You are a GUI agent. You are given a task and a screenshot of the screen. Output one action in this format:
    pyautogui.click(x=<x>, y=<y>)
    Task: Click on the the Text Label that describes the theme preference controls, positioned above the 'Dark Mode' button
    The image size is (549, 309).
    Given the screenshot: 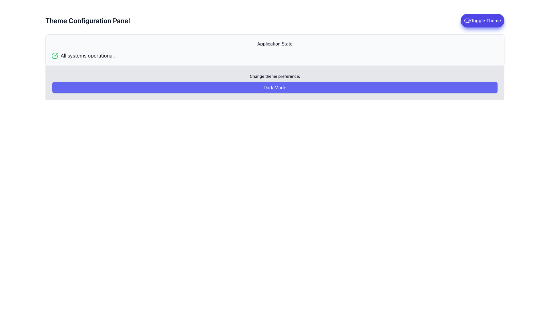 What is the action you would take?
    pyautogui.click(x=275, y=76)
    